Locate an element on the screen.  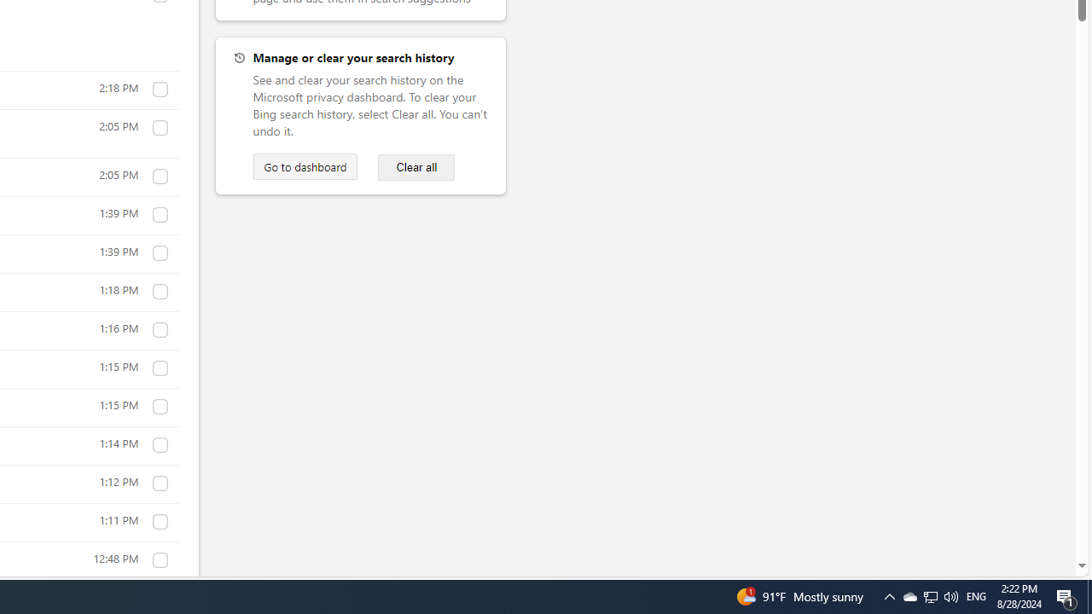
'Clear your search history' is located at coordinates (416, 167).